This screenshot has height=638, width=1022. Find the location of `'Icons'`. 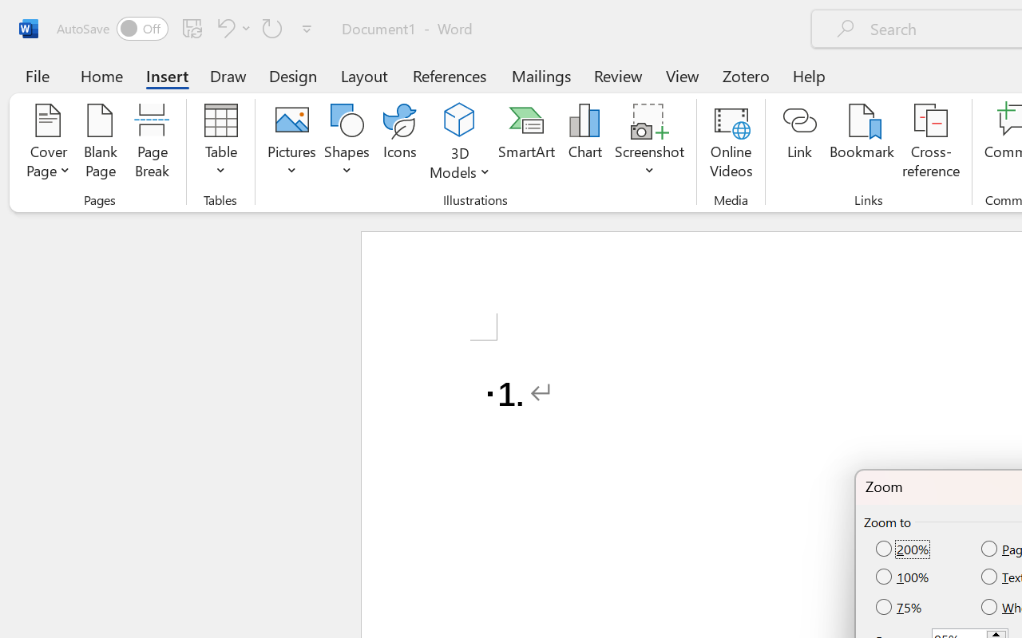

'Icons' is located at coordinates (400, 143).